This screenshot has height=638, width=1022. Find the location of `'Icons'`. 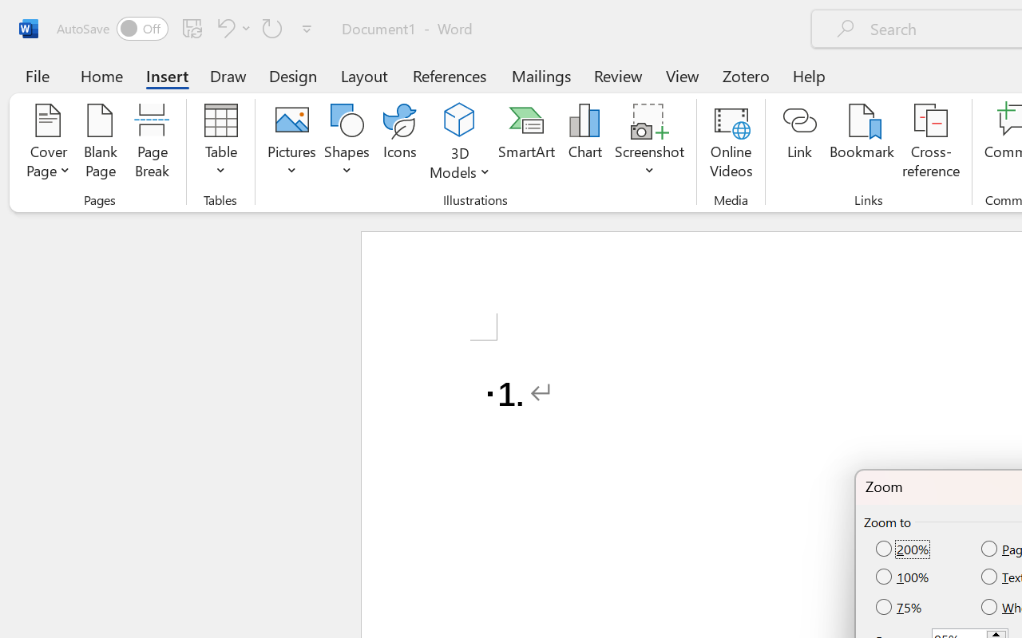

'Icons' is located at coordinates (400, 143).